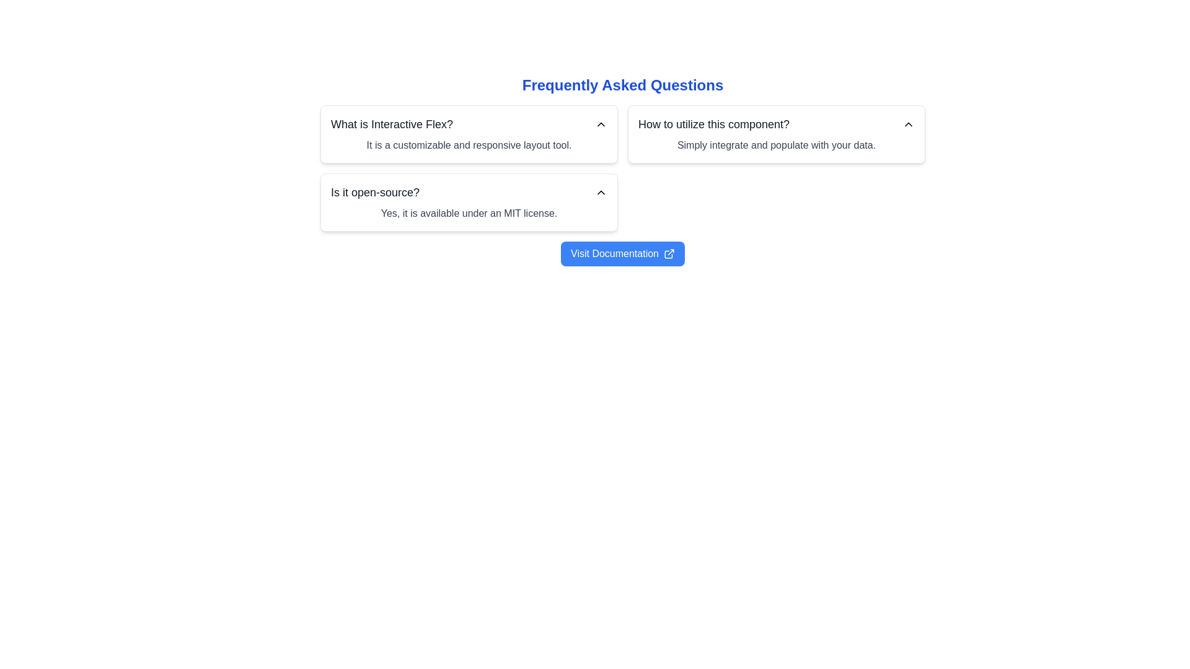 The image size is (1190, 669). Describe the element at coordinates (469, 145) in the screenshot. I see `the descriptive text element located below the title 'What is Interactive Flex?' in the card-like component with rounded borders` at that location.